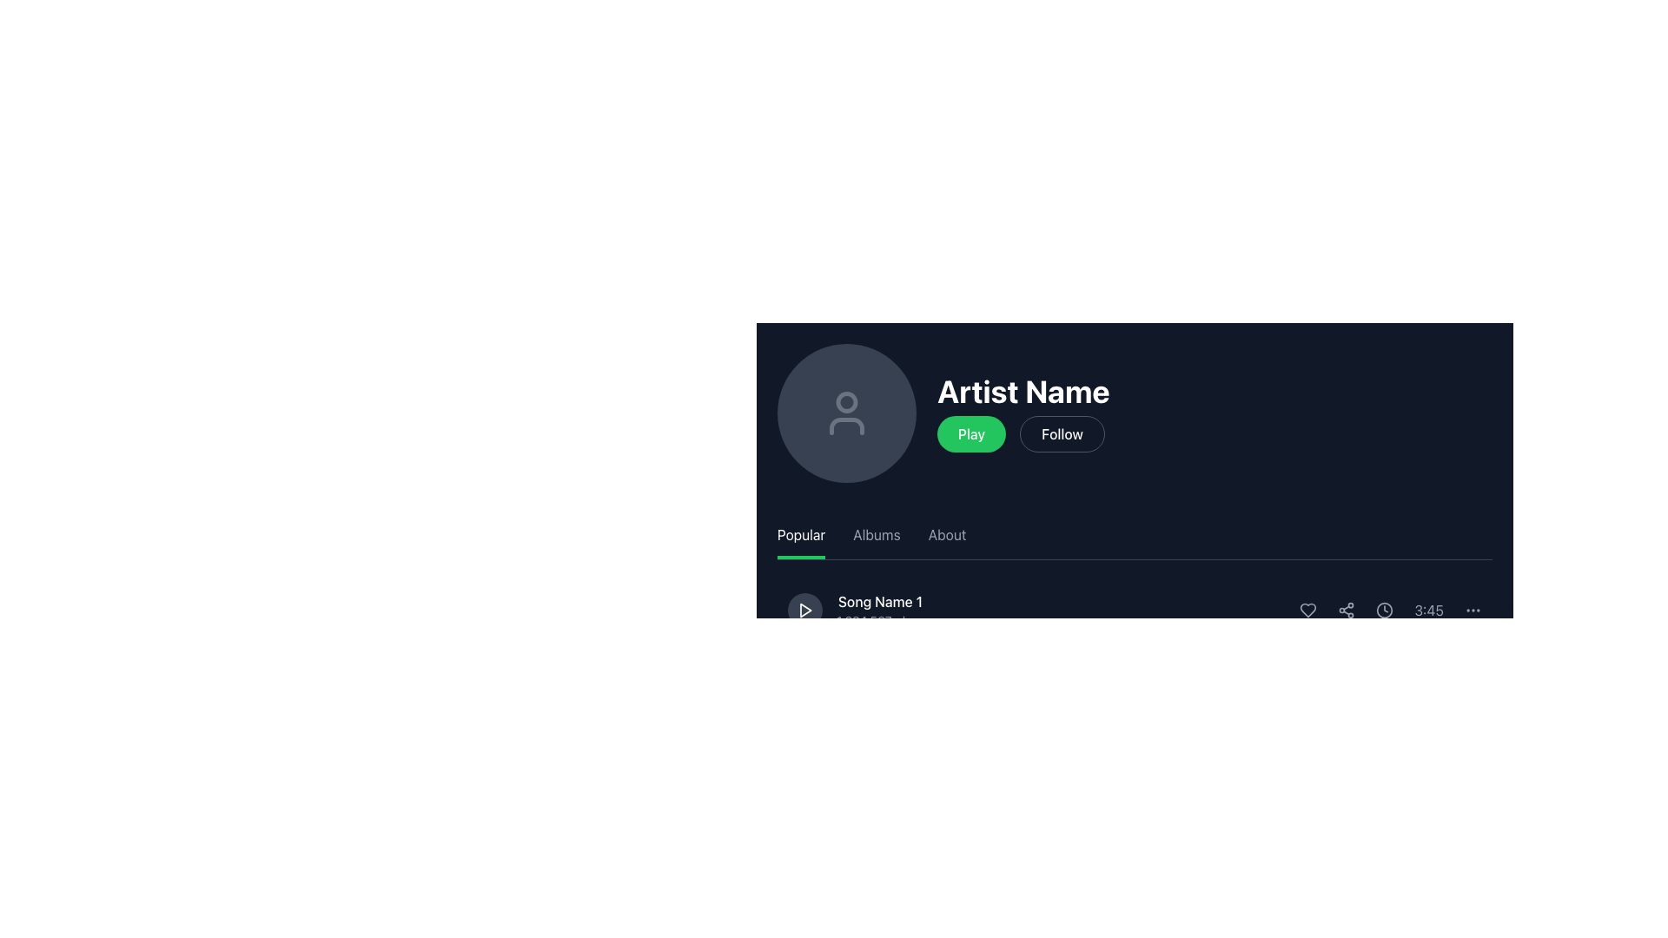  Describe the element at coordinates (846, 413) in the screenshot. I see `the circular Image Placeholder with a gray background and user icon, located to the left of 'Artist Name' and buttons 'Play' and 'Follow'` at that location.